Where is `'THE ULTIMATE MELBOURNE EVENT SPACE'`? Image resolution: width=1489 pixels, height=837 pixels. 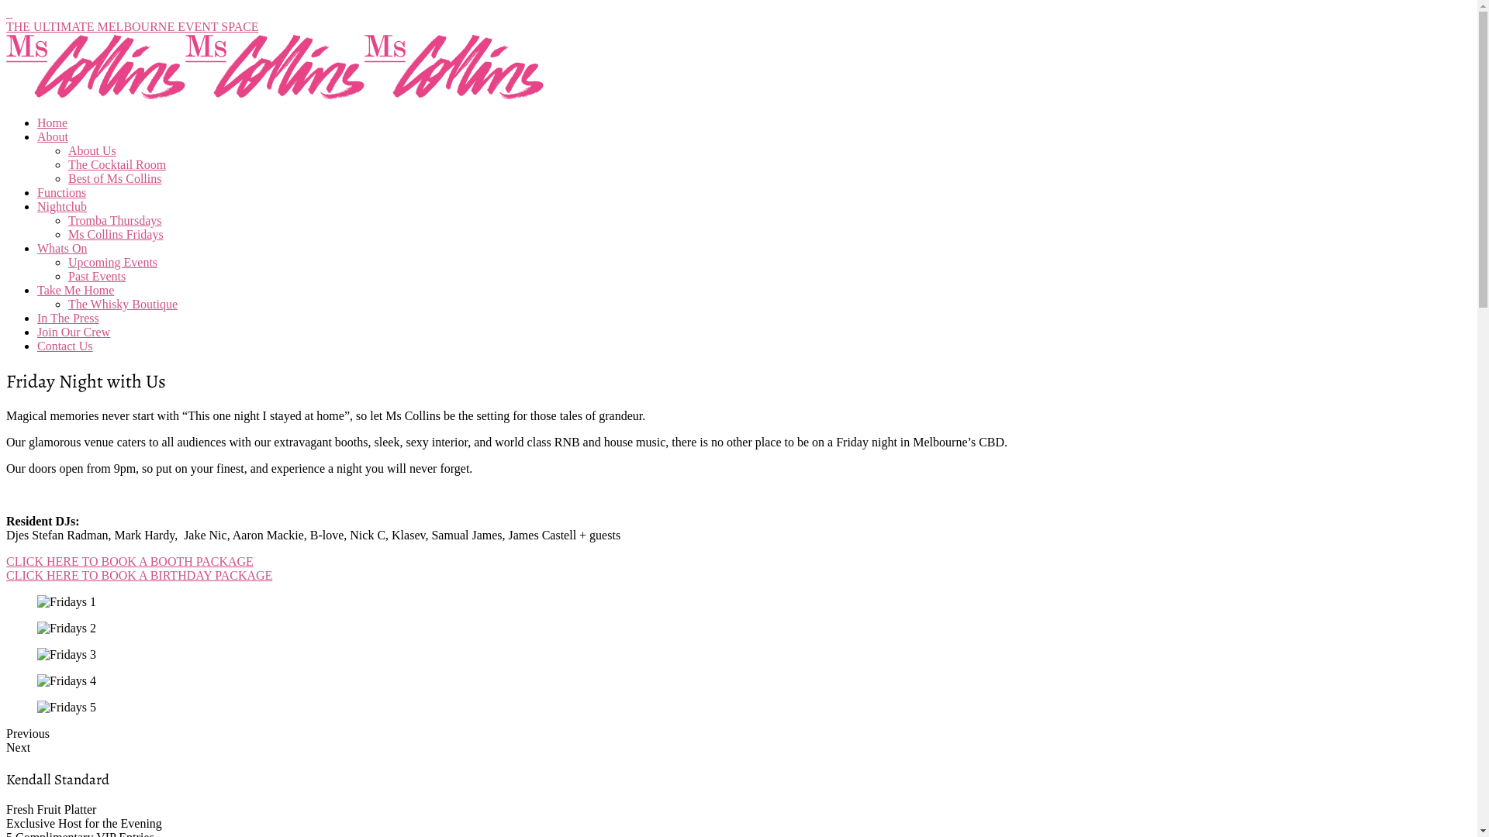 'THE ULTIMATE MELBOURNE EVENT SPACE' is located at coordinates (133, 26).